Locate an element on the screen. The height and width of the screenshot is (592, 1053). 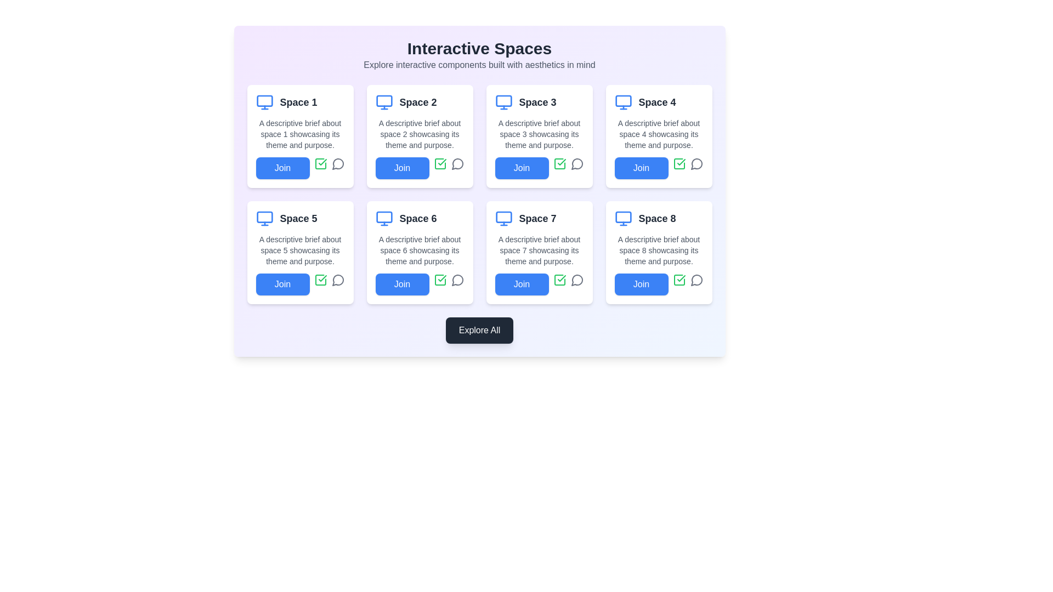
the gray speech bubble icon located after the 'Join' button and checkmark icon in the sixth card of the grid layout is located at coordinates (457, 279).